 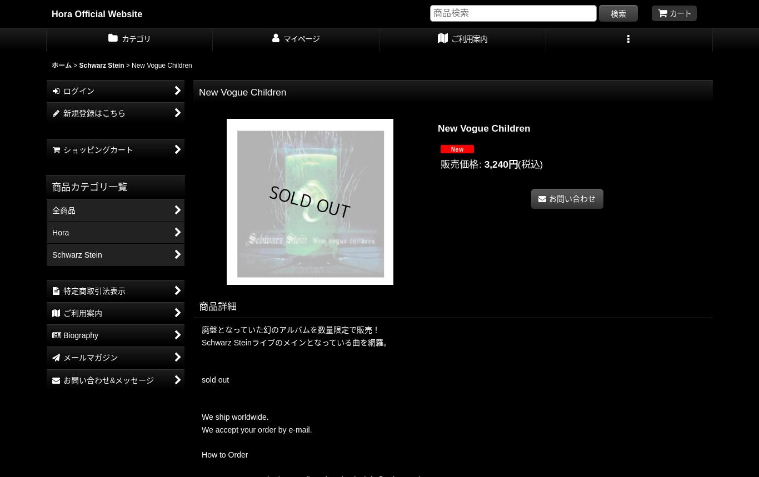 I want to click on '3,240円', so click(x=483, y=164).